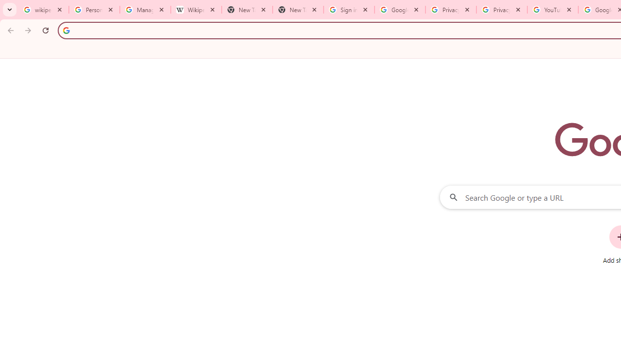  Describe the element at coordinates (94, 10) in the screenshot. I see `'Personalization & Google Search results - Google Search Help'` at that location.